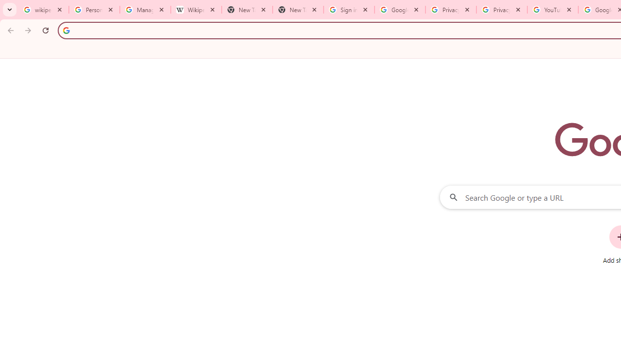  Describe the element at coordinates (94, 10) in the screenshot. I see `'Personalization & Google Search results - Google Search Help'` at that location.